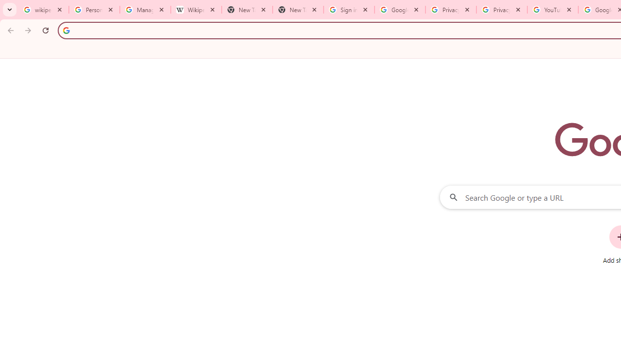  Describe the element at coordinates (94, 10) in the screenshot. I see `'Personalization & Google Search results - Google Search Help'` at that location.